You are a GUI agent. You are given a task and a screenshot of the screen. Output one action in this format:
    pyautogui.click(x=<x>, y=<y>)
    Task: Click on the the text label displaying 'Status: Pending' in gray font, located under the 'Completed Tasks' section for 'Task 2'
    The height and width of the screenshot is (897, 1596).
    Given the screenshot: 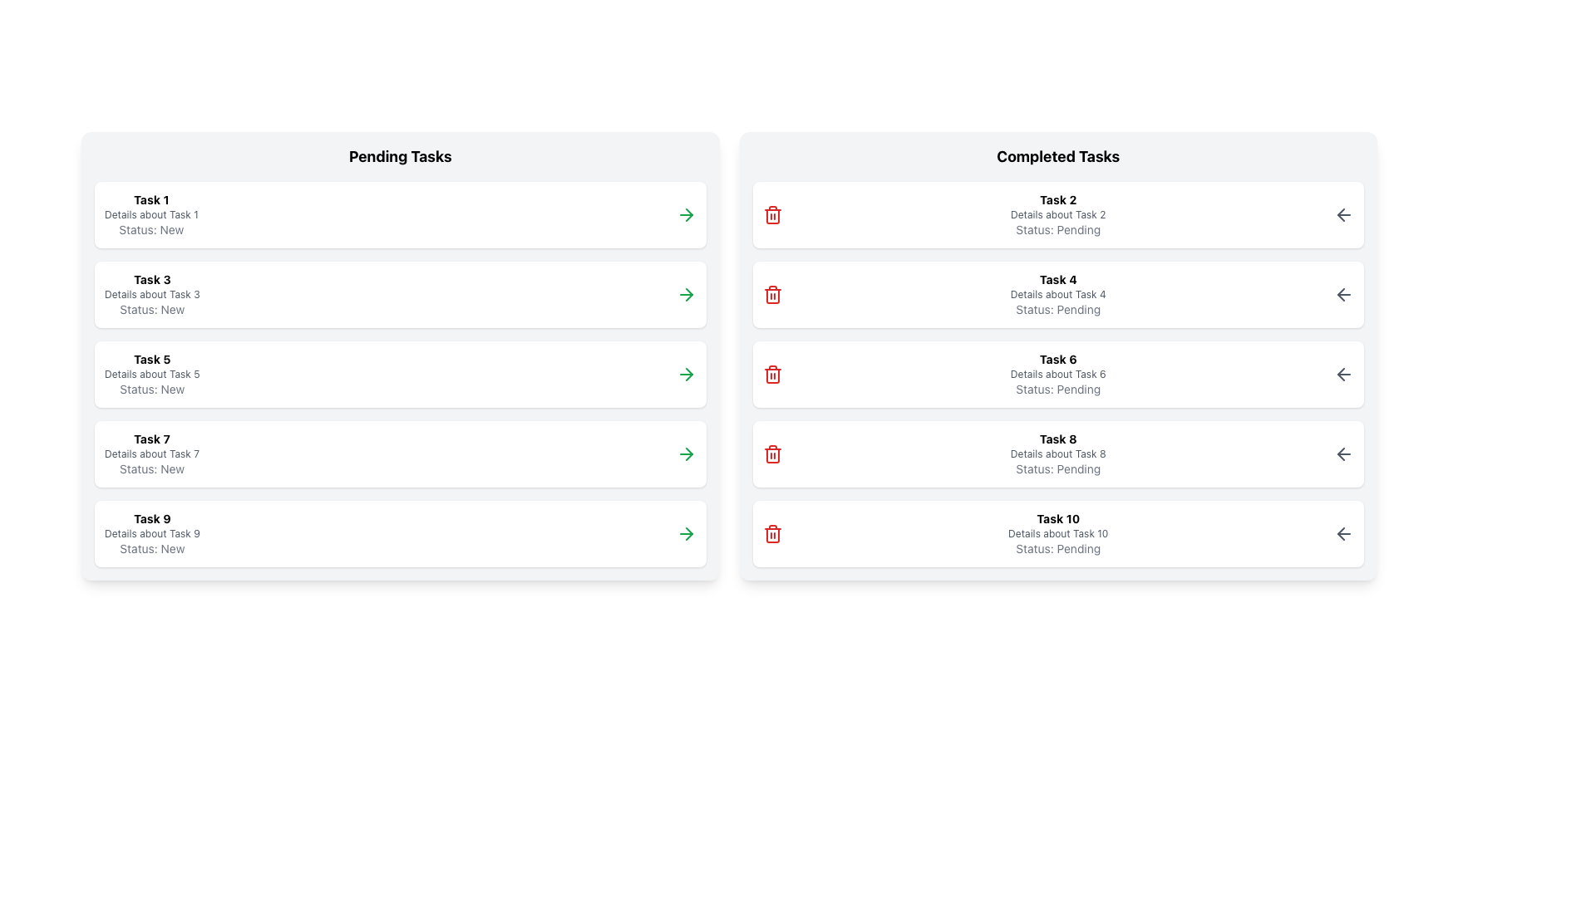 What is the action you would take?
    pyautogui.click(x=1057, y=229)
    